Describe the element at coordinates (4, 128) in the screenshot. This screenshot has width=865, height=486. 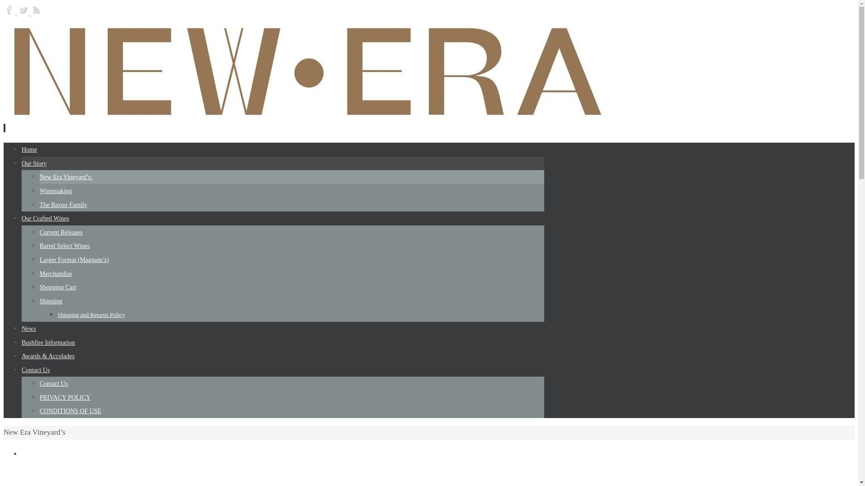
I see `' '` at that location.